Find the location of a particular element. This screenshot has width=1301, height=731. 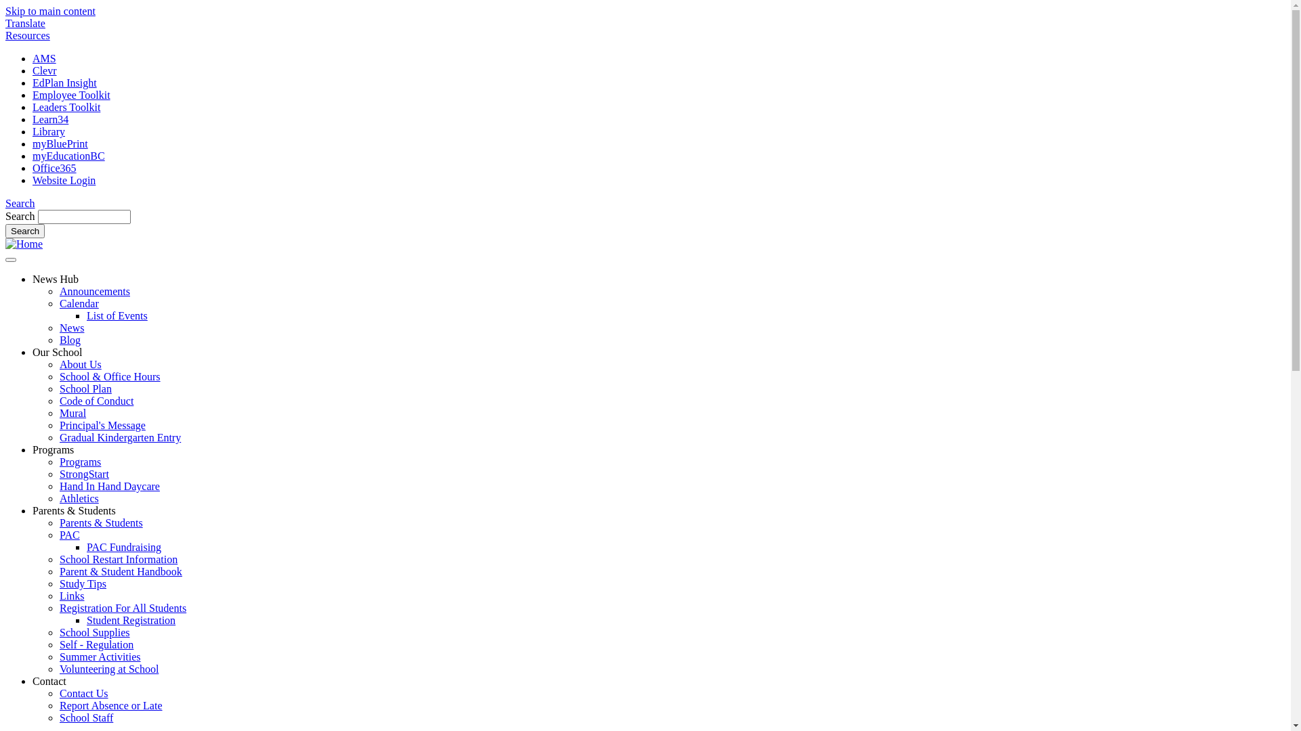

'Code of Conduct' is located at coordinates (96, 400).